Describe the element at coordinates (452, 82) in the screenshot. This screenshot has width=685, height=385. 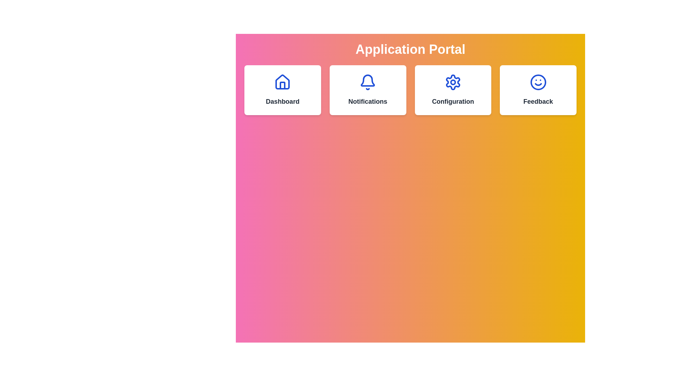
I see `the decorative graphical circle located at the center of the gear icon within the 'Application Portal' section` at that location.